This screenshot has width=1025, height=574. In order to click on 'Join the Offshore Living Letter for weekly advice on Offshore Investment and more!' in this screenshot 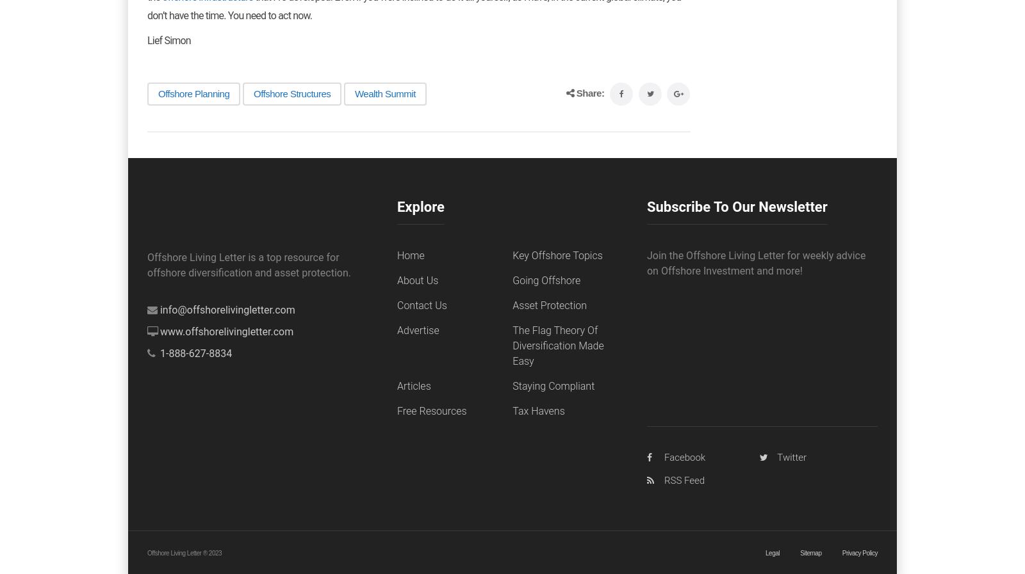, I will do `click(756, 262)`.